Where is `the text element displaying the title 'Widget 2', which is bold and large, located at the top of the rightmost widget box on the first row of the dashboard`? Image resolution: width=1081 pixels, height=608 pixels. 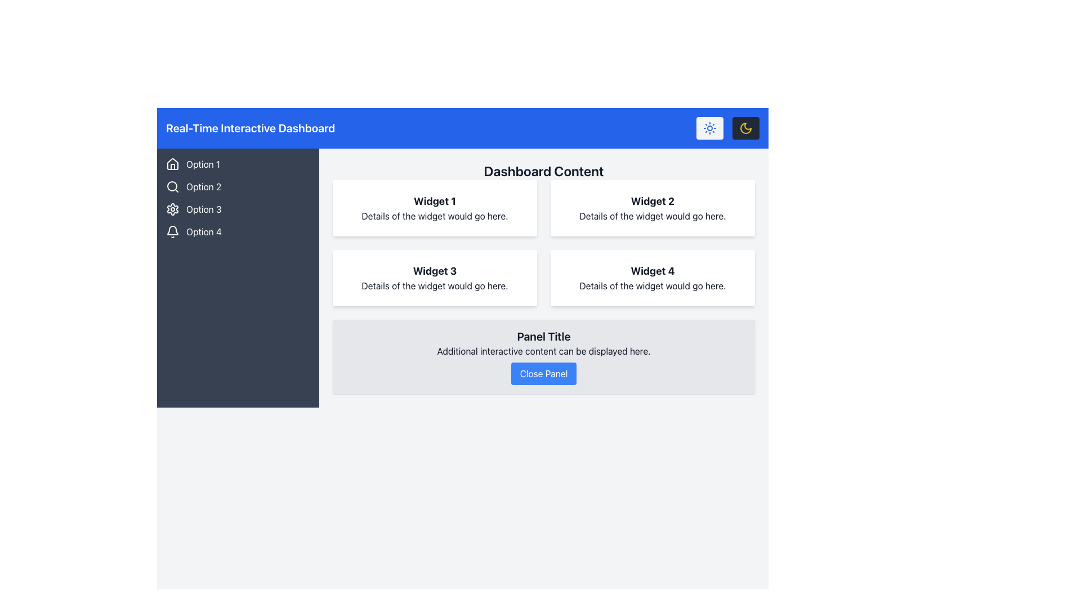
the text element displaying the title 'Widget 2', which is bold and large, located at the top of the rightmost widget box on the first row of the dashboard is located at coordinates (653, 201).